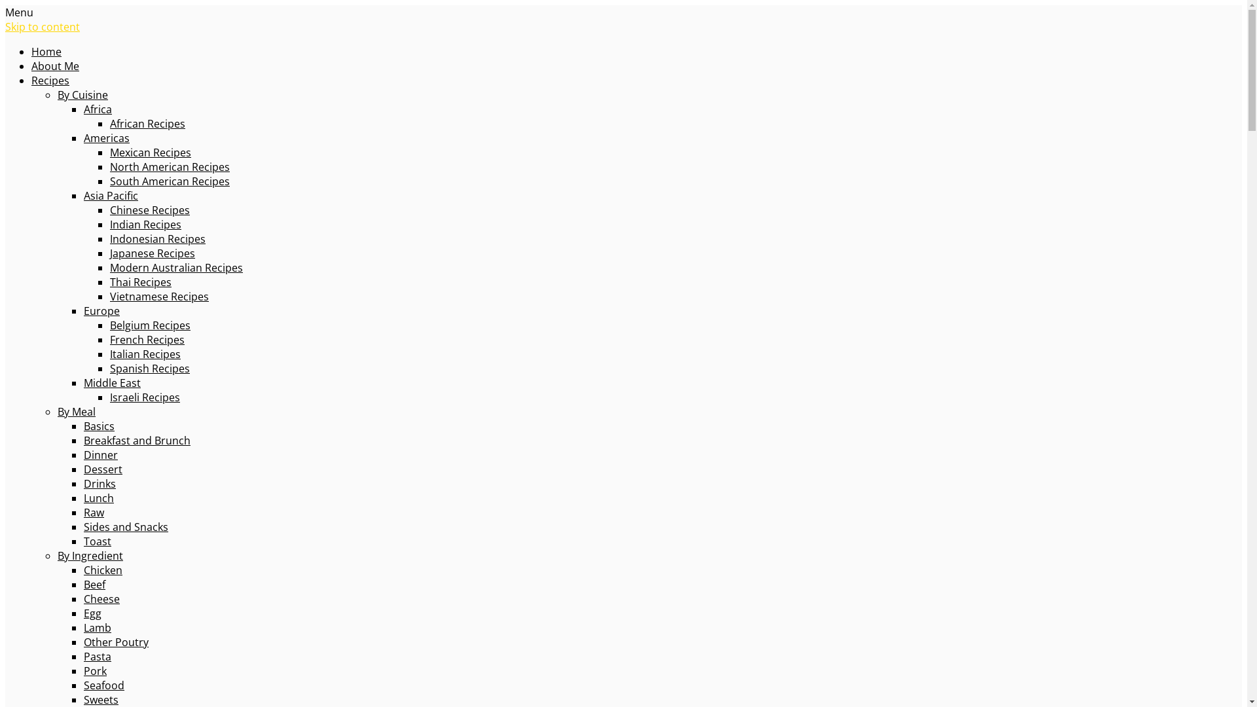 The width and height of the screenshot is (1257, 707). What do you see at coordinates (92, 613) in the screenshot?
I see `'Egg'` at bounding box center [92, 613].